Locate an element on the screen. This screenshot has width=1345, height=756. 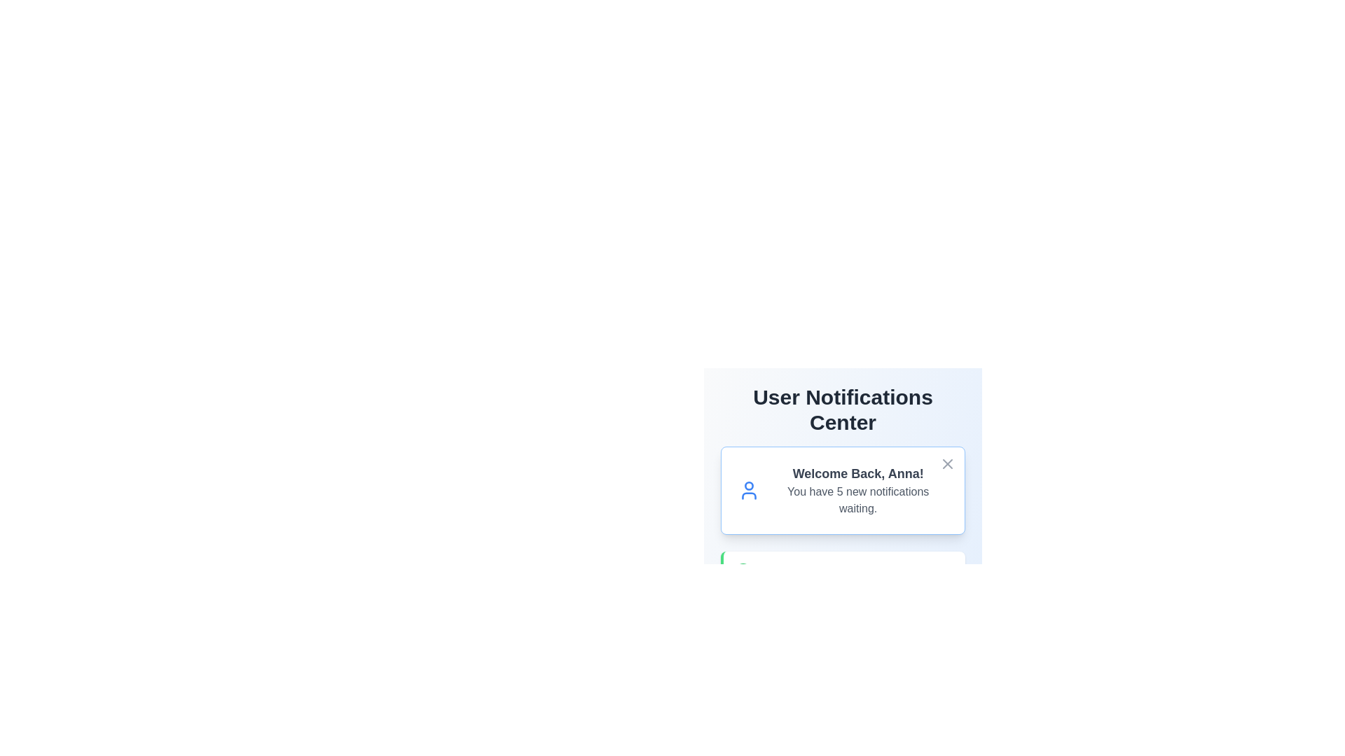
the Text Label that indicates the number of new notifications in the User Notifications Center is located at coordinates (857, 490).